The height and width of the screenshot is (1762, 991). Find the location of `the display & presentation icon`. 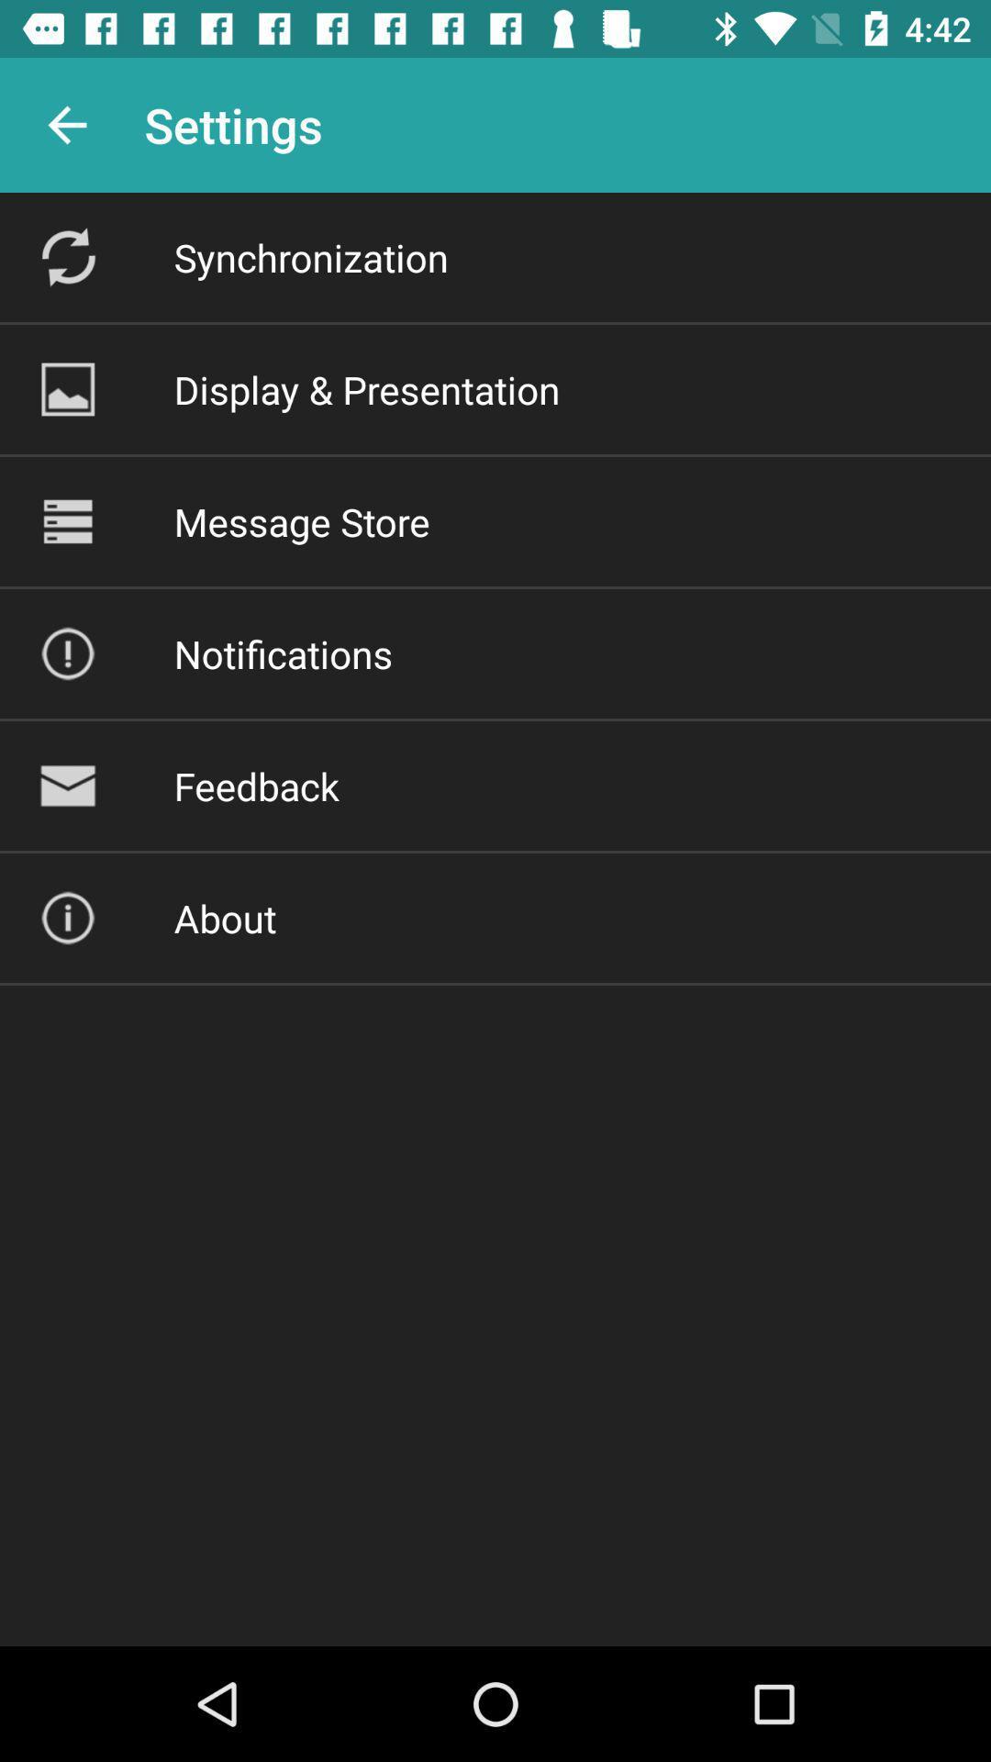

the display & presentation icon is located at coordinates (367, 388).